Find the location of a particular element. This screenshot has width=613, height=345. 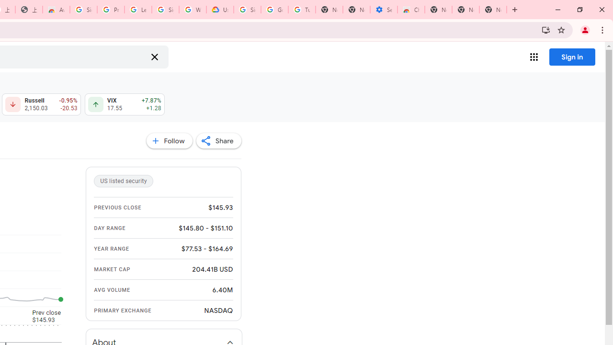

'New Tab' is located at coordinates (493, 10).